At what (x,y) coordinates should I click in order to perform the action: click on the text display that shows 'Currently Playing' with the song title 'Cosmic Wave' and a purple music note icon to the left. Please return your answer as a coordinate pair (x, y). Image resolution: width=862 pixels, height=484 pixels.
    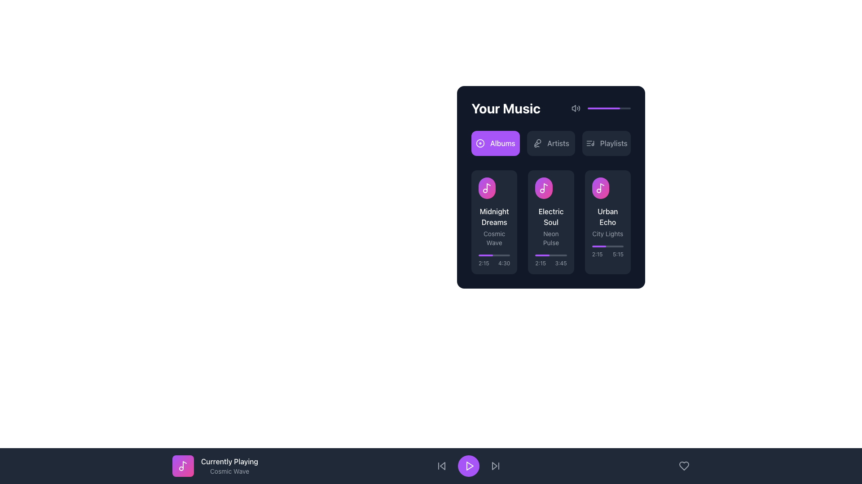
    Looking at the image, I should click on (215, 466).